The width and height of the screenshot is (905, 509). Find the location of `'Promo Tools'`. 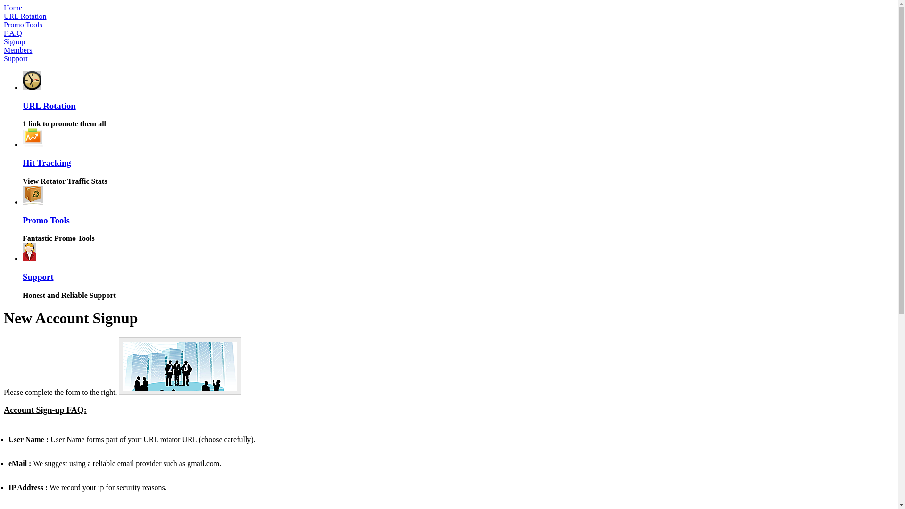

'Promo Tools' is located at coordinates (45, 220).